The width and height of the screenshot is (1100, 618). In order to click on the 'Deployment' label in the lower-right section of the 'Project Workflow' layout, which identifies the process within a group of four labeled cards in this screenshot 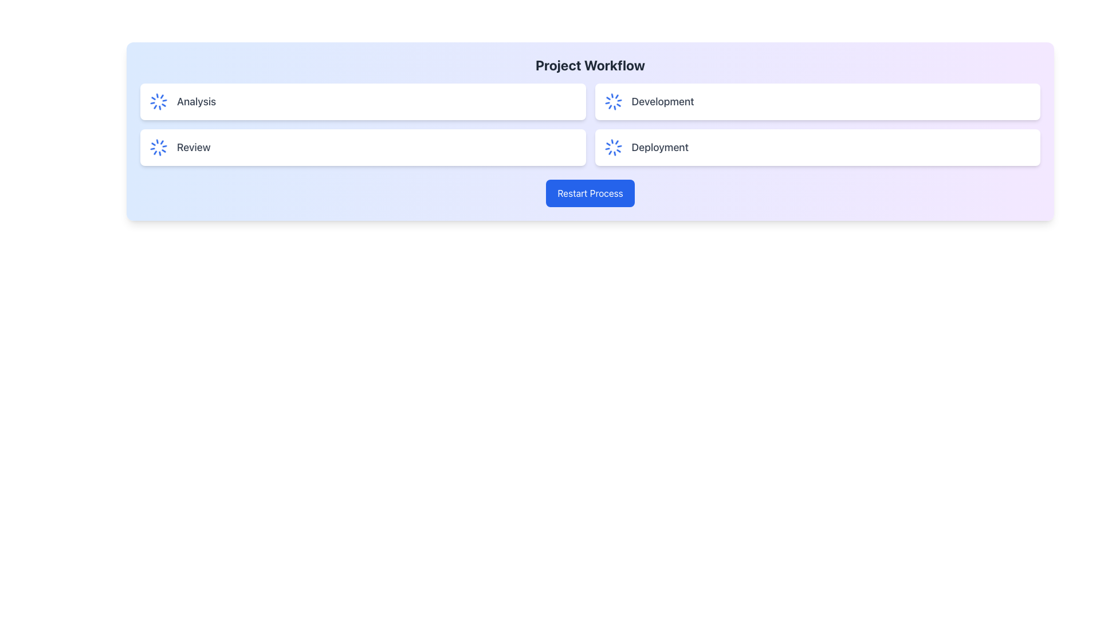, I will do `click(660, 147)`.